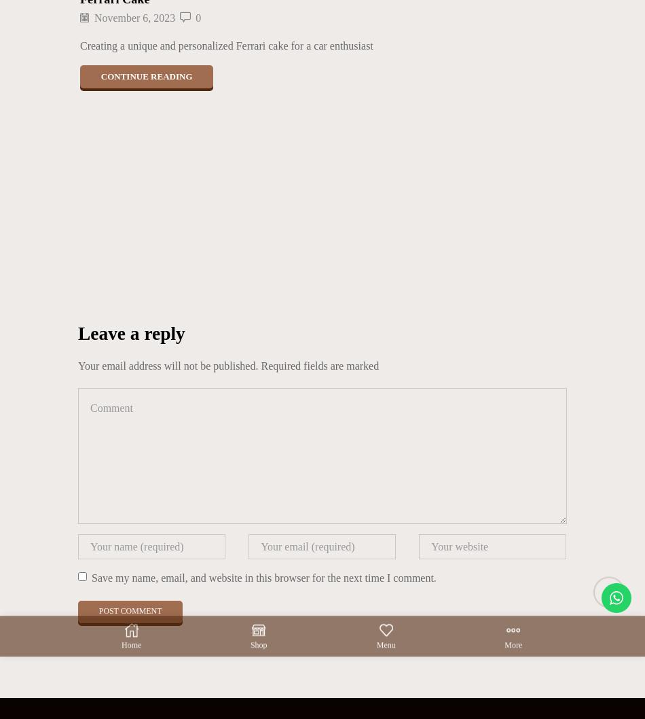  I want to click on 'November 6, 2023', so click(134, 18).